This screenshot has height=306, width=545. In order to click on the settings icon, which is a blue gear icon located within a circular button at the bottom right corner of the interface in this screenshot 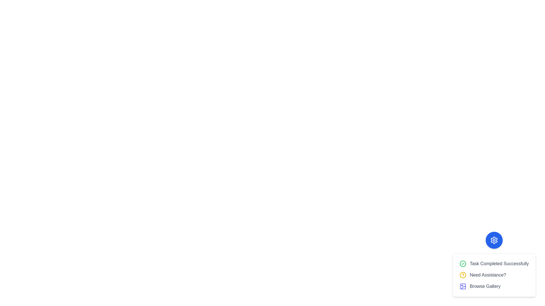, I will do `click(493, 240)`.